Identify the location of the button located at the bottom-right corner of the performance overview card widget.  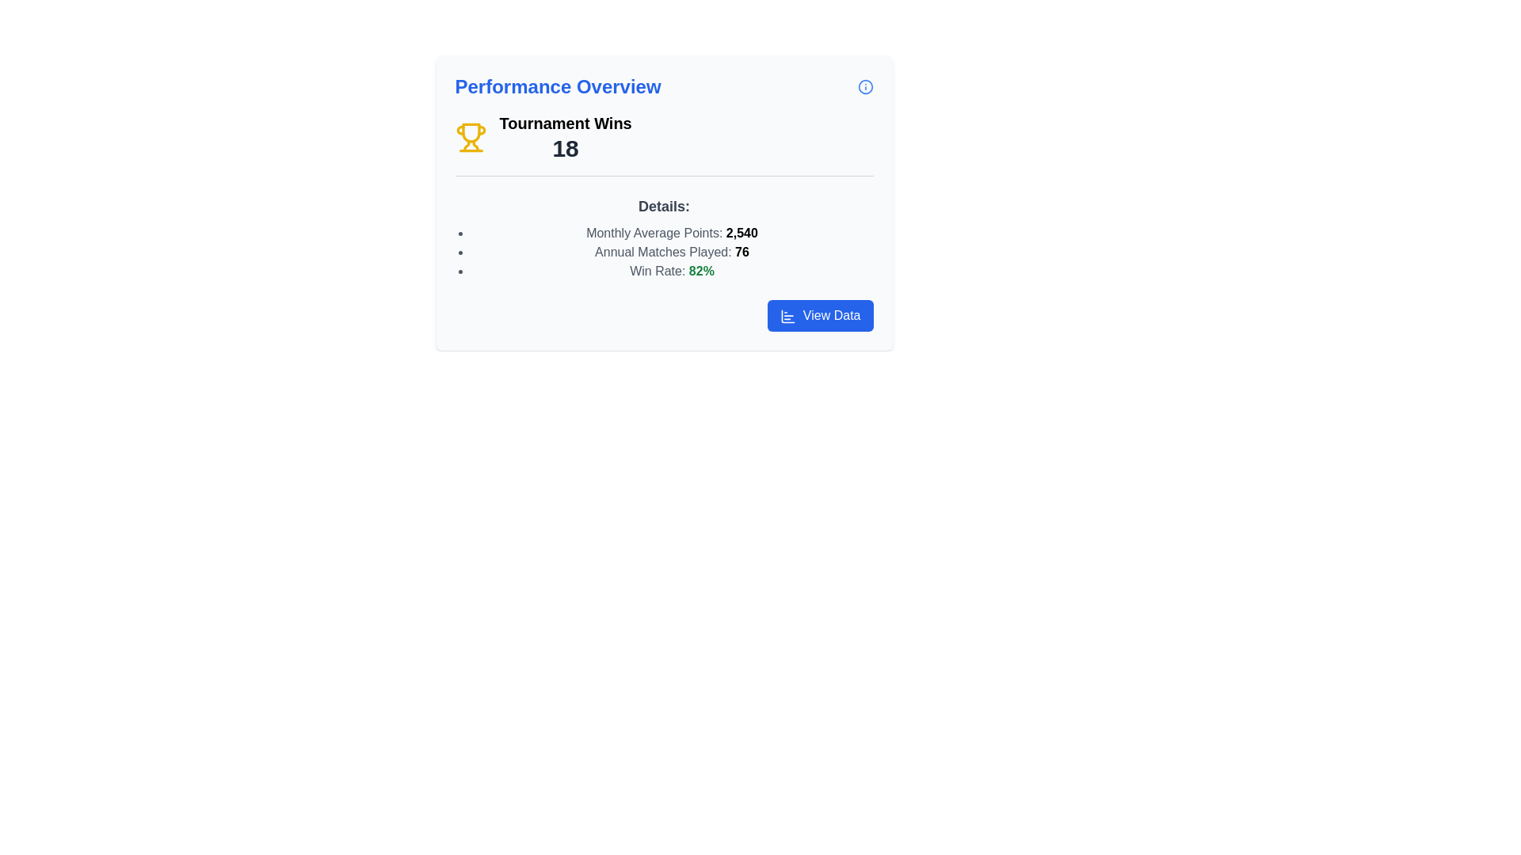
(820, 315).